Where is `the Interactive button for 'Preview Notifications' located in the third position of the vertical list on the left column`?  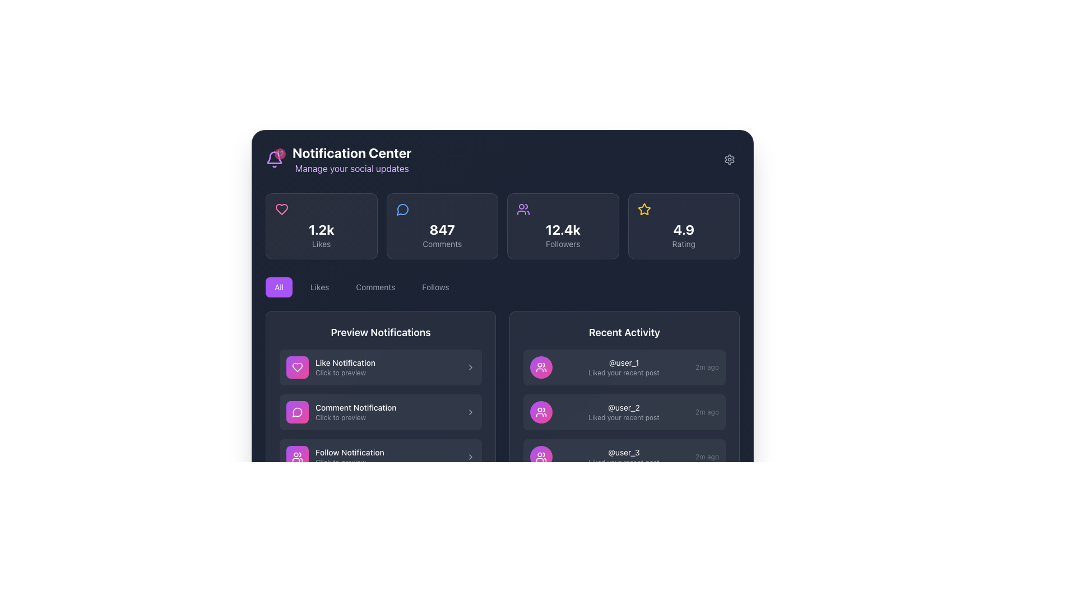
the Interactive button for 'Preview Notifications' located in the third position of the vertical list on the left column is located at coordinates (381, 457).